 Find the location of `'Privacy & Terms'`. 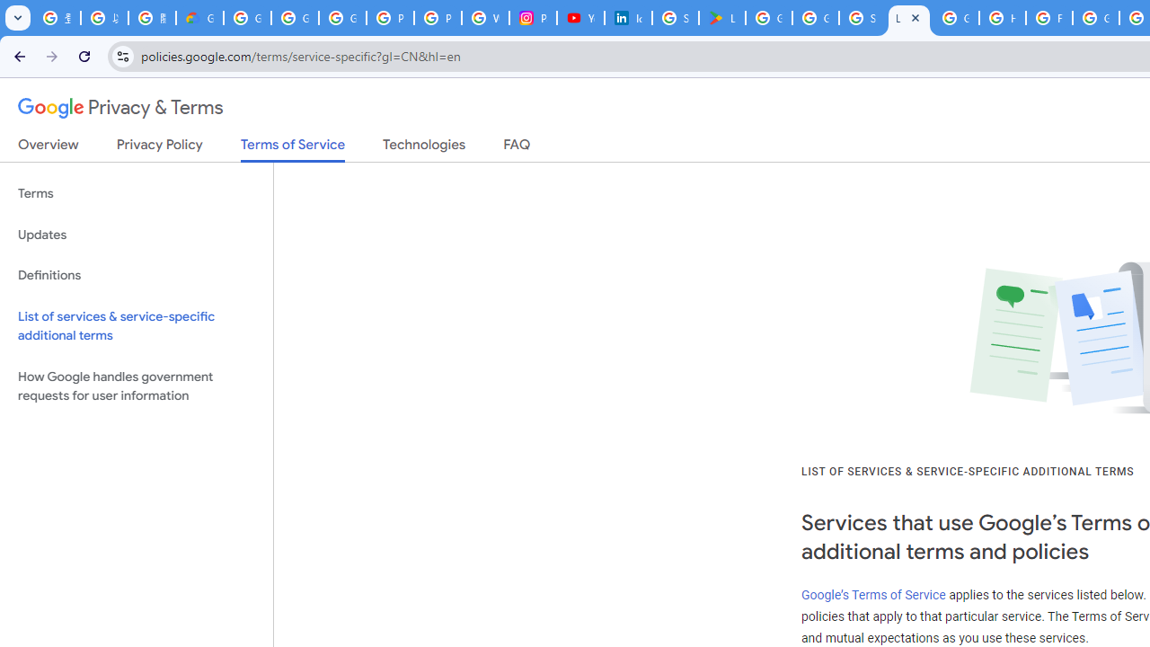

'Privacy & Terms' is located at coordinates (120, 108).